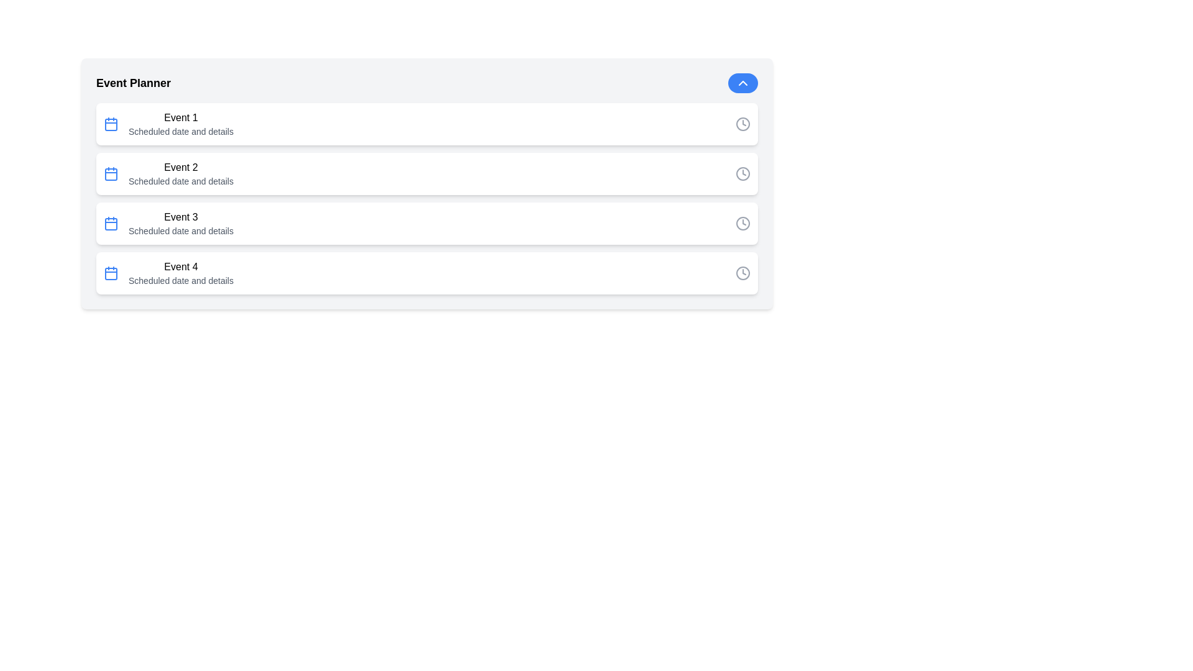 The width and height of the screenshot is (1193, 671). What do you see at coordinates (743, 174) in the screenshot?
I see `the SVG circle element that represents the main frame of the clock icon, located in the second event entry's row, towards the right end` at bounding box center [743, 174].